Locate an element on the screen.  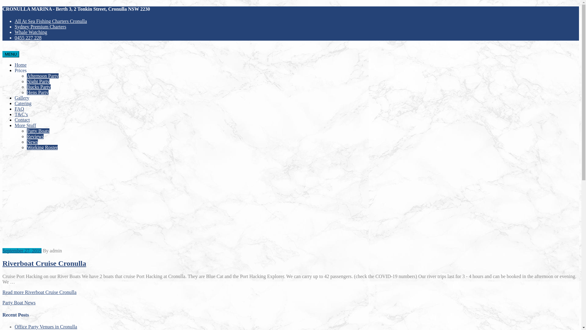
'Working Roster' is located at coordinates (26, 147).